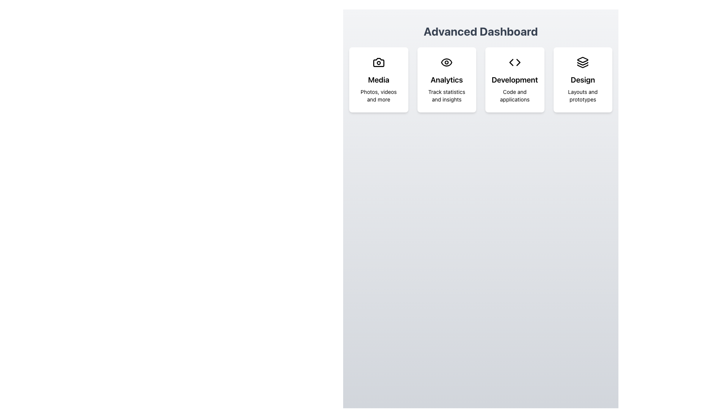 The width and height of the screenshot is (728, 409). I want to click on the navigational card that directs users to layouts and prototypes related to design, which is the fourth item in a horizontal grid layout, to trigger effects, so click(582, 80).